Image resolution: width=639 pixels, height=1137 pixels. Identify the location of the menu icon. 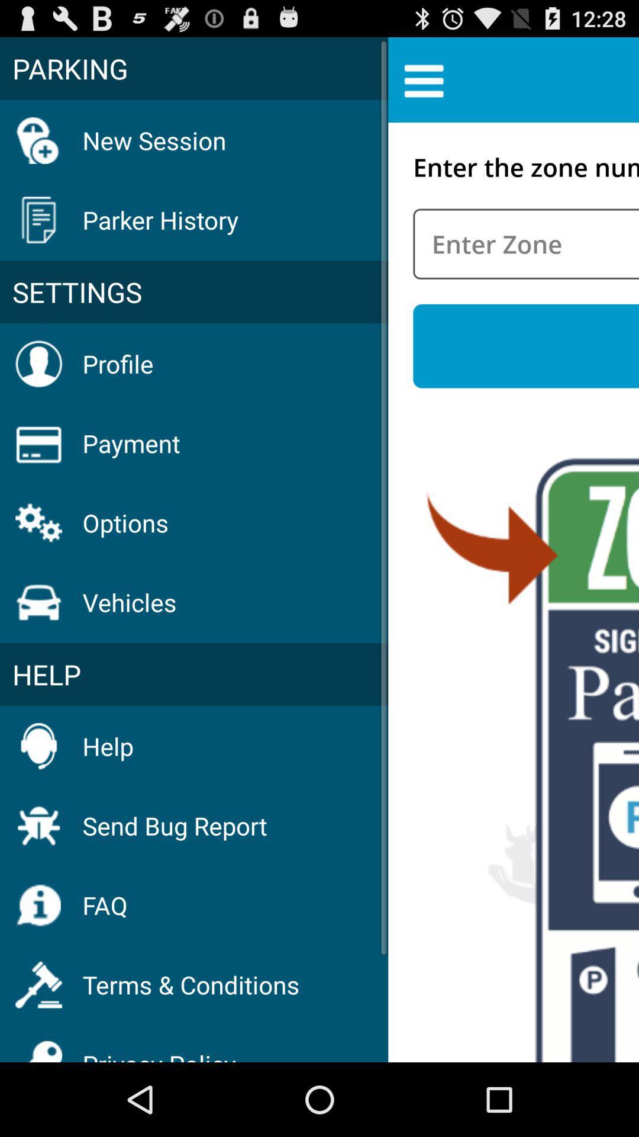
(423, 85).